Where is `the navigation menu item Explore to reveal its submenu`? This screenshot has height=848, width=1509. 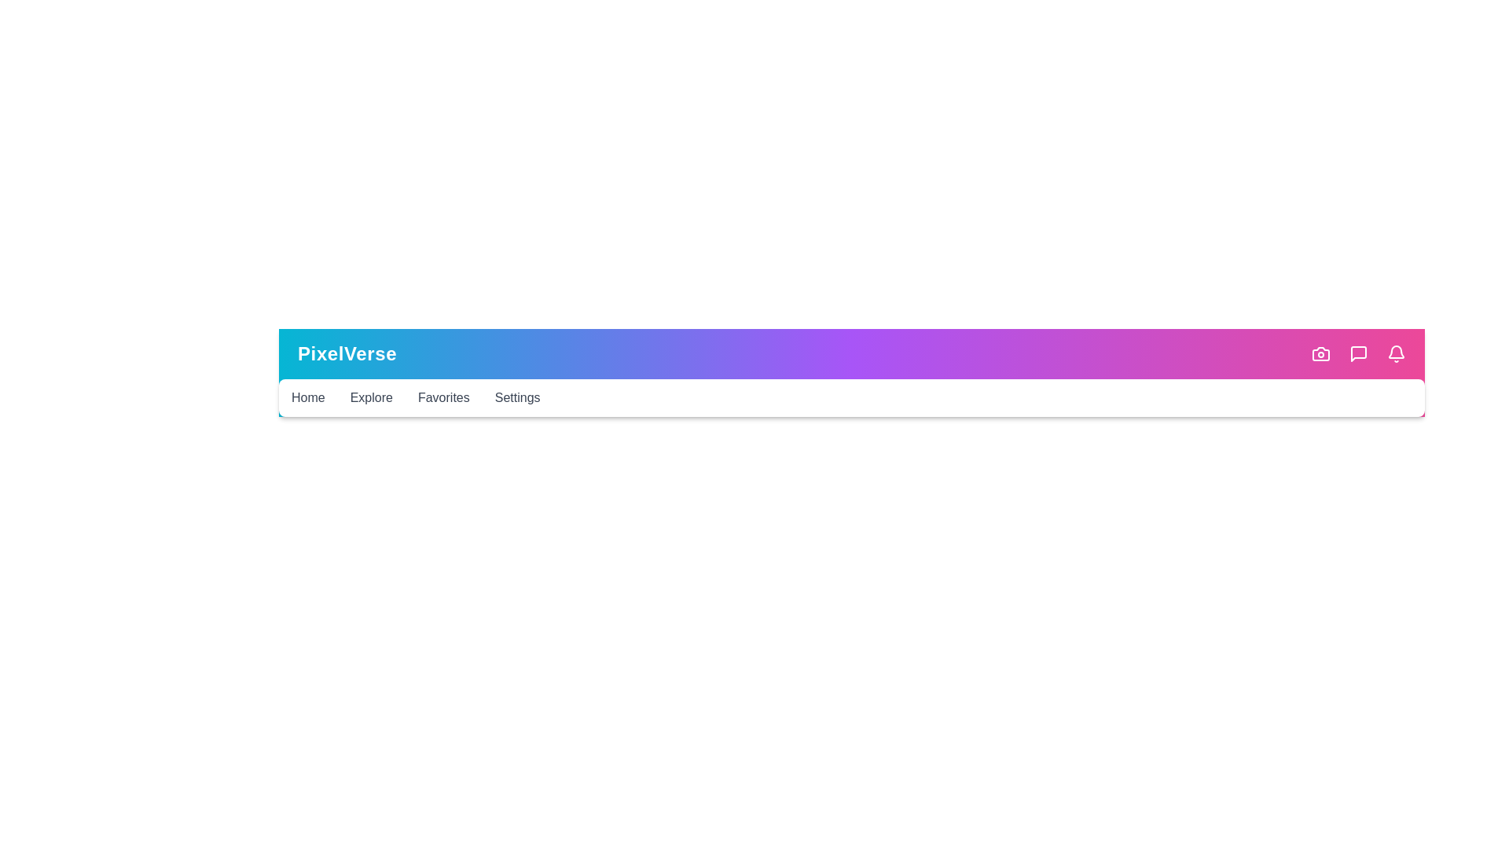
the navigation menu item Explore to reveal its submenu is located at coordinates (369, 396).